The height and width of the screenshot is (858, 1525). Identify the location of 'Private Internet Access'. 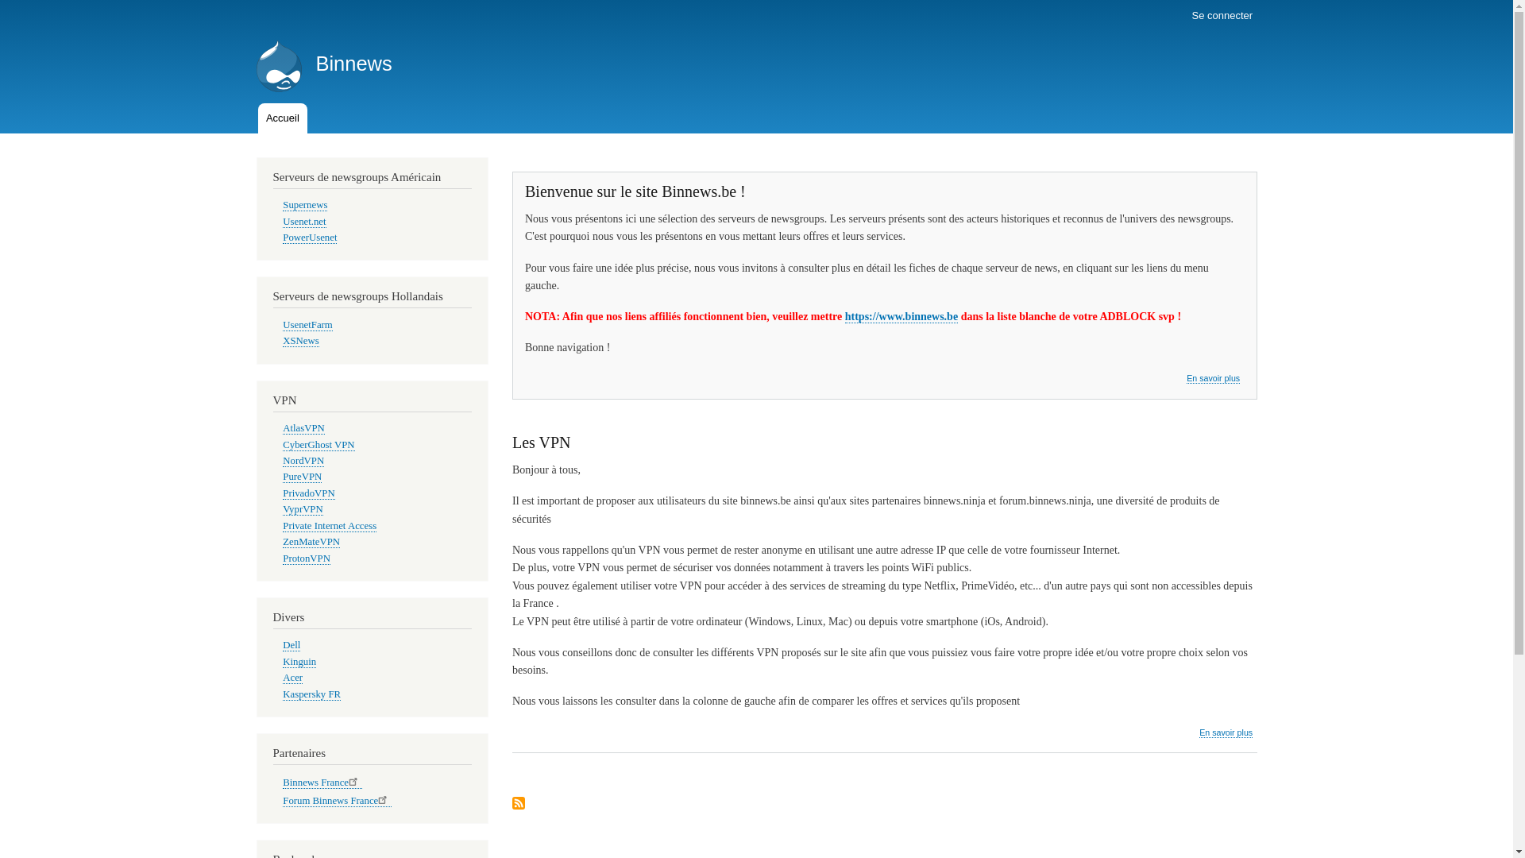
(328, 526).